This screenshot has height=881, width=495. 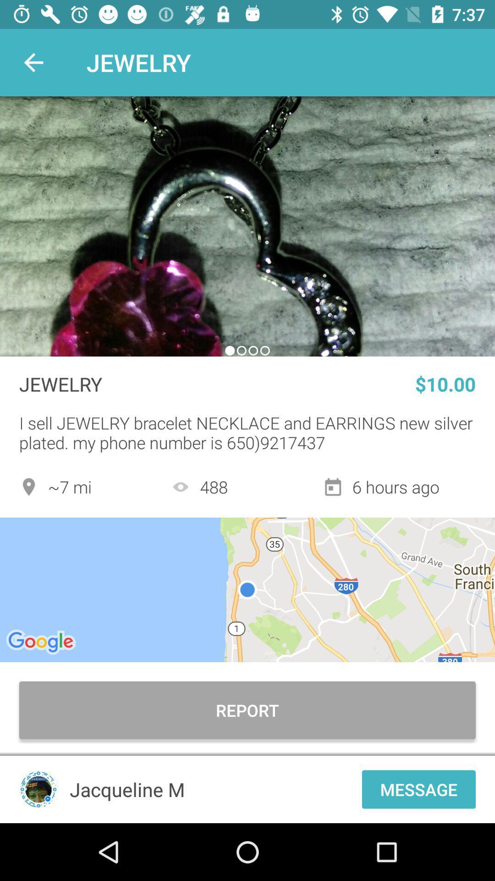 What do you see at coordinates (247, 226) in the screenshot?
I see `the item above the jewelry` at bounding box center [247, 226].